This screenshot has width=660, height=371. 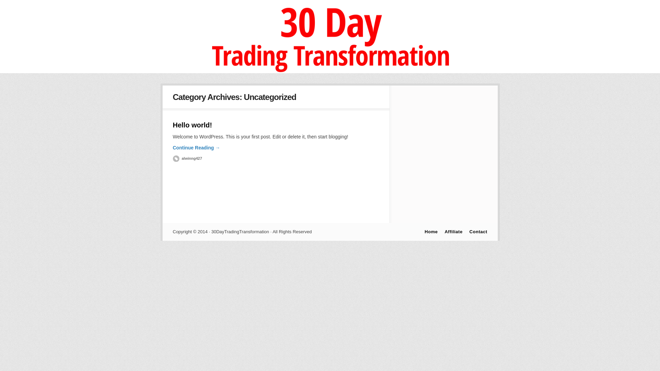 What do you see at coordinates (192, 125) in the screenshot?
I see `'Hello world!'` at bounding box center [192, 125].